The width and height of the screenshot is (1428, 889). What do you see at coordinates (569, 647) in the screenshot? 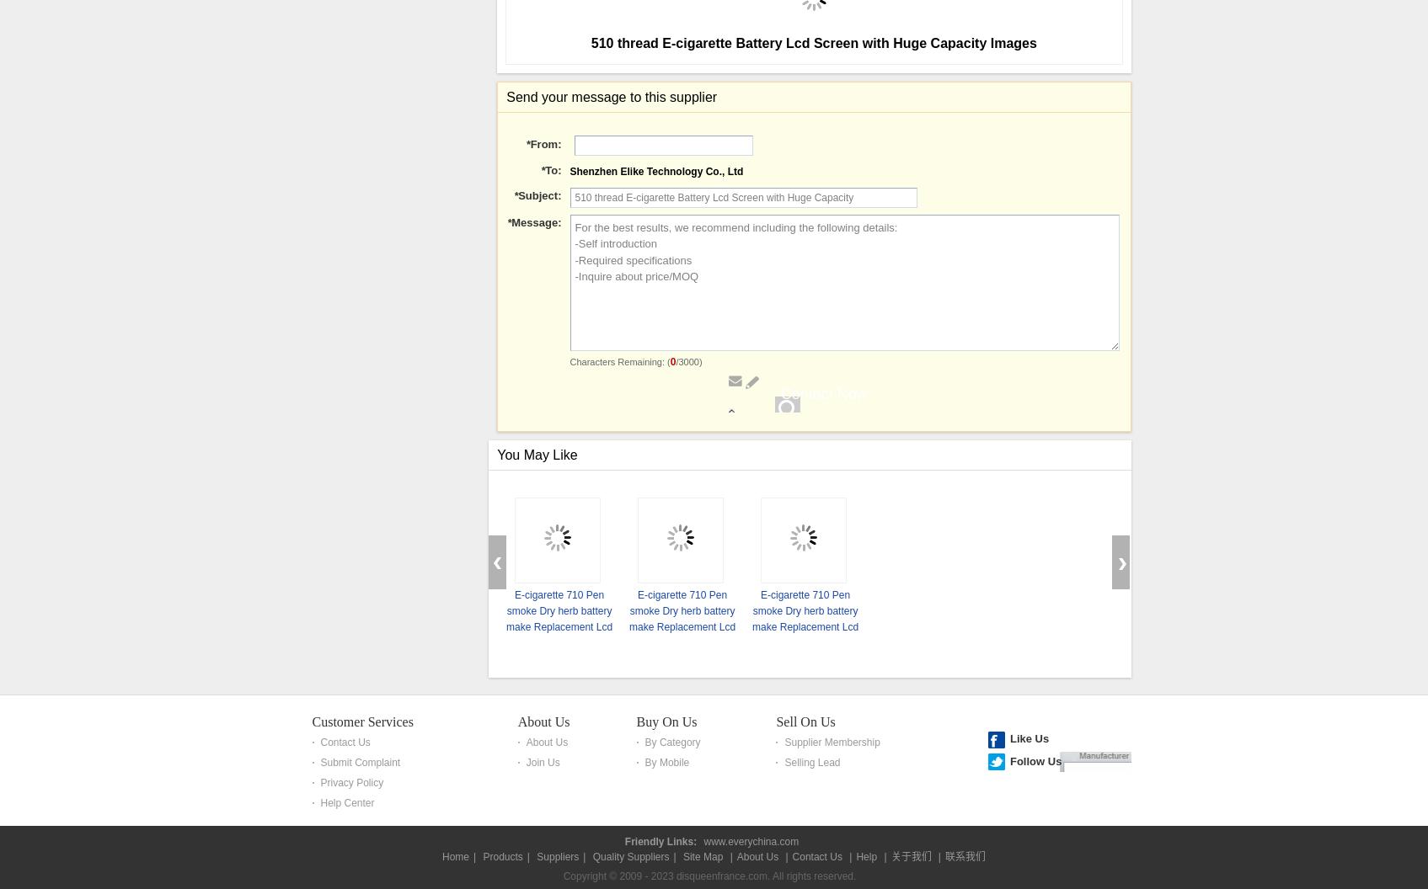
I see `'Shenzhen Elike Technology Co., Ltd'` at bounding box center [569, 647].